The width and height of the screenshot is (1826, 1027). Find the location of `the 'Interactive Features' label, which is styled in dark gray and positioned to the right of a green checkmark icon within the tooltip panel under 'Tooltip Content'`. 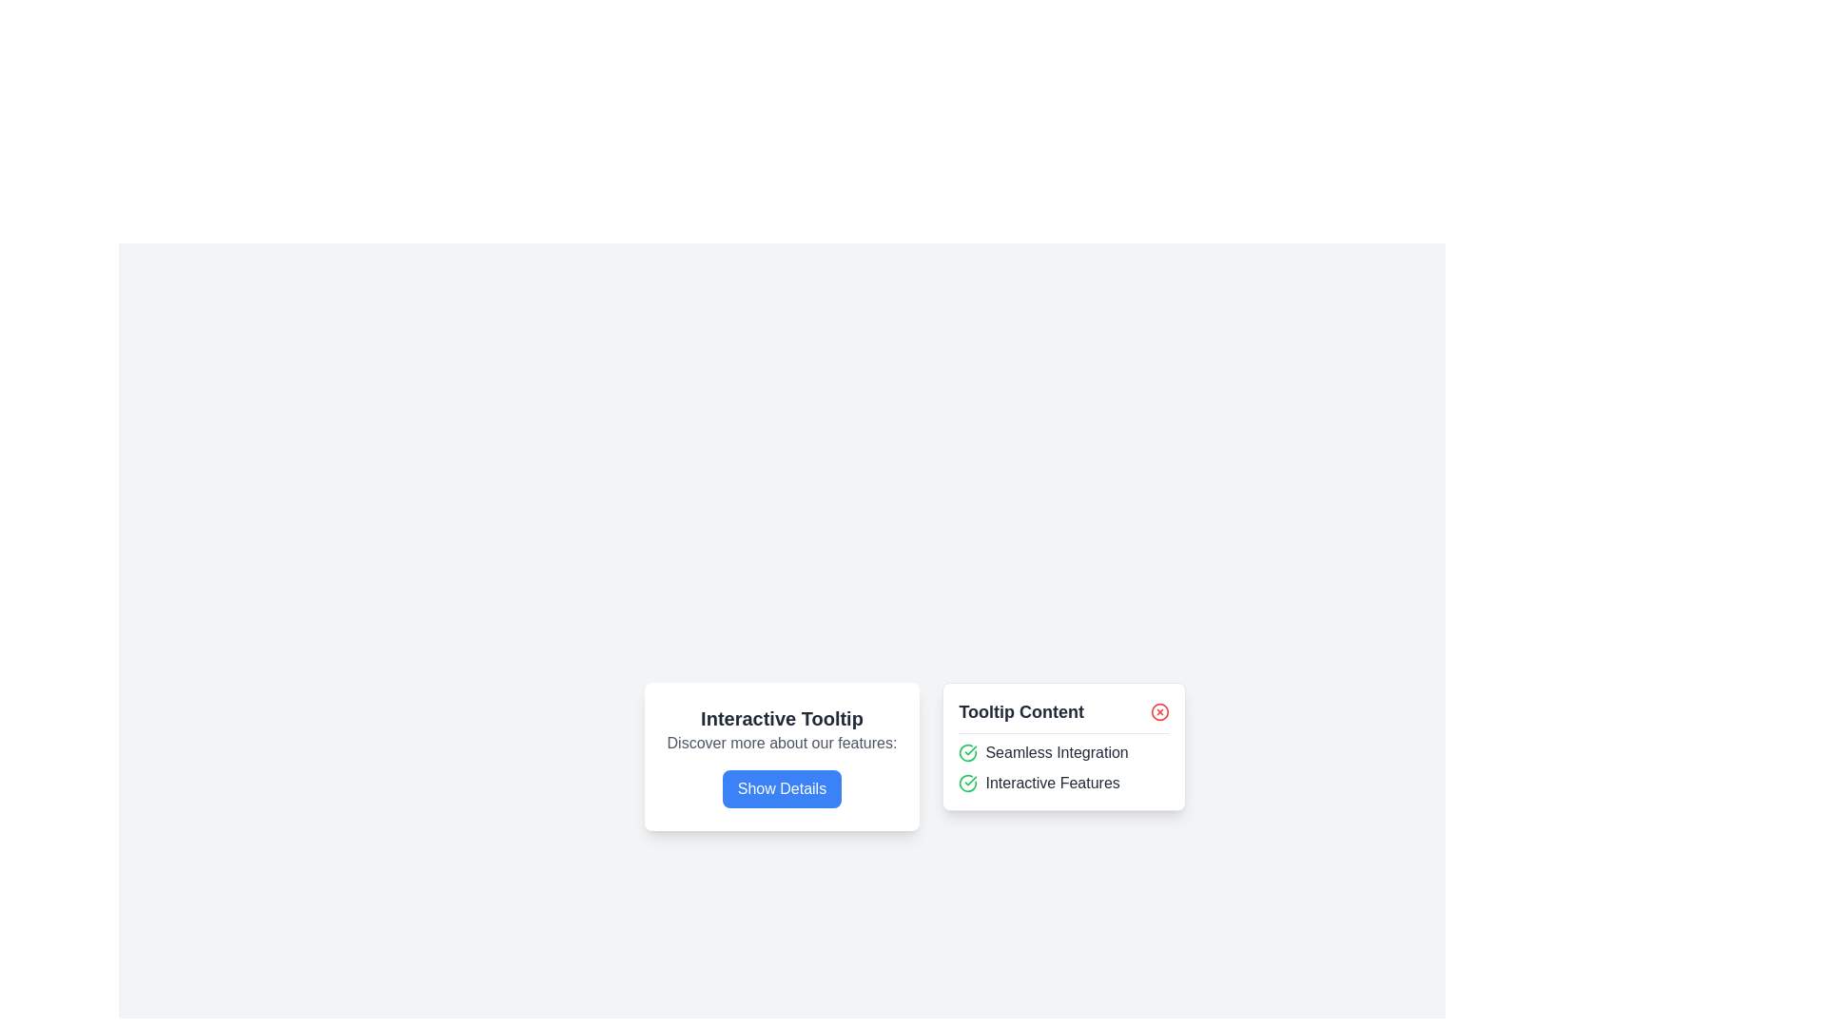

the 'Interactive Features' label, which is styled in dark gray and positioned to the right of a green checkmark icon within the tooltip panel under 'Tooltip Content' is located at coordinates (1063, 784).